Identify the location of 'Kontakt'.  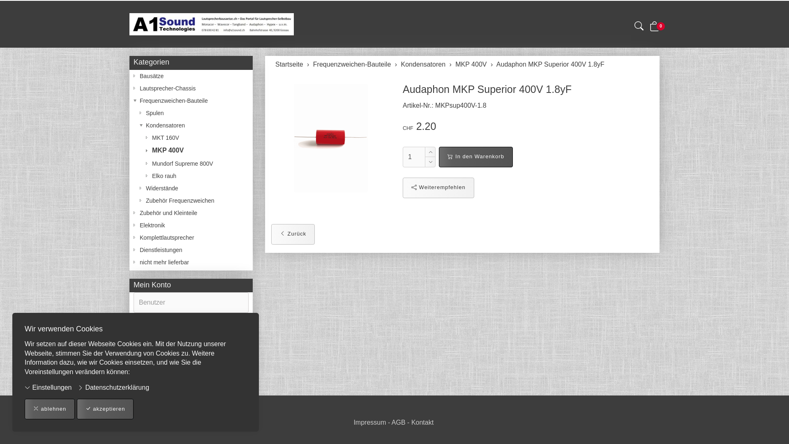
(422, 422).